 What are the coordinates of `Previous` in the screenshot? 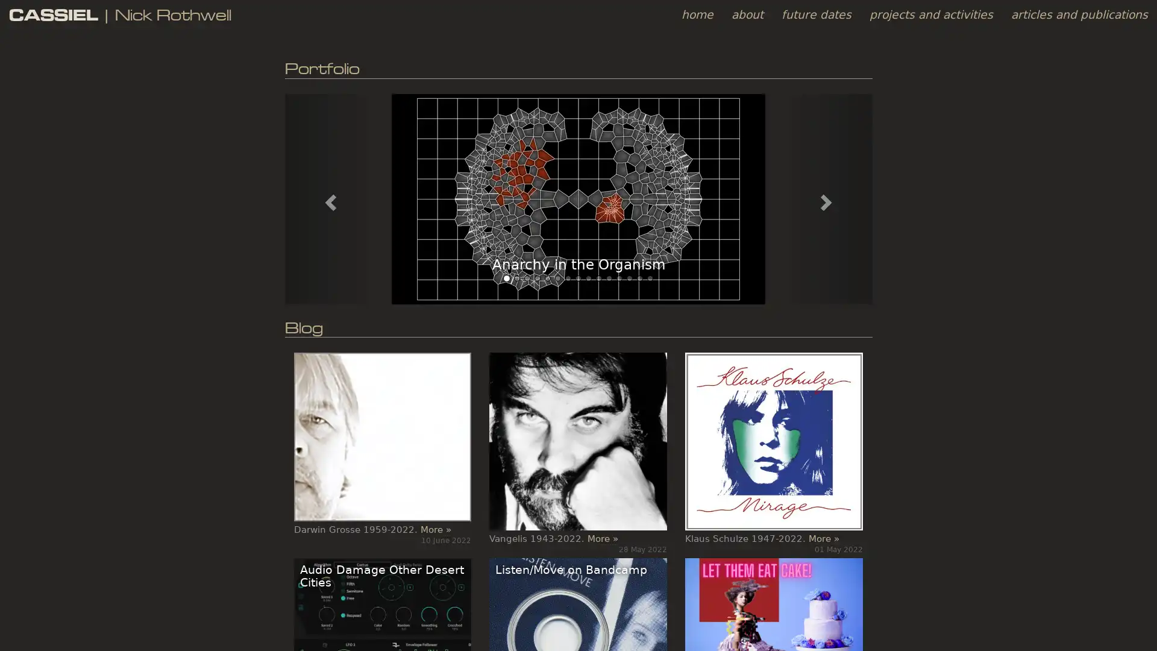 It's located at (328, 198).